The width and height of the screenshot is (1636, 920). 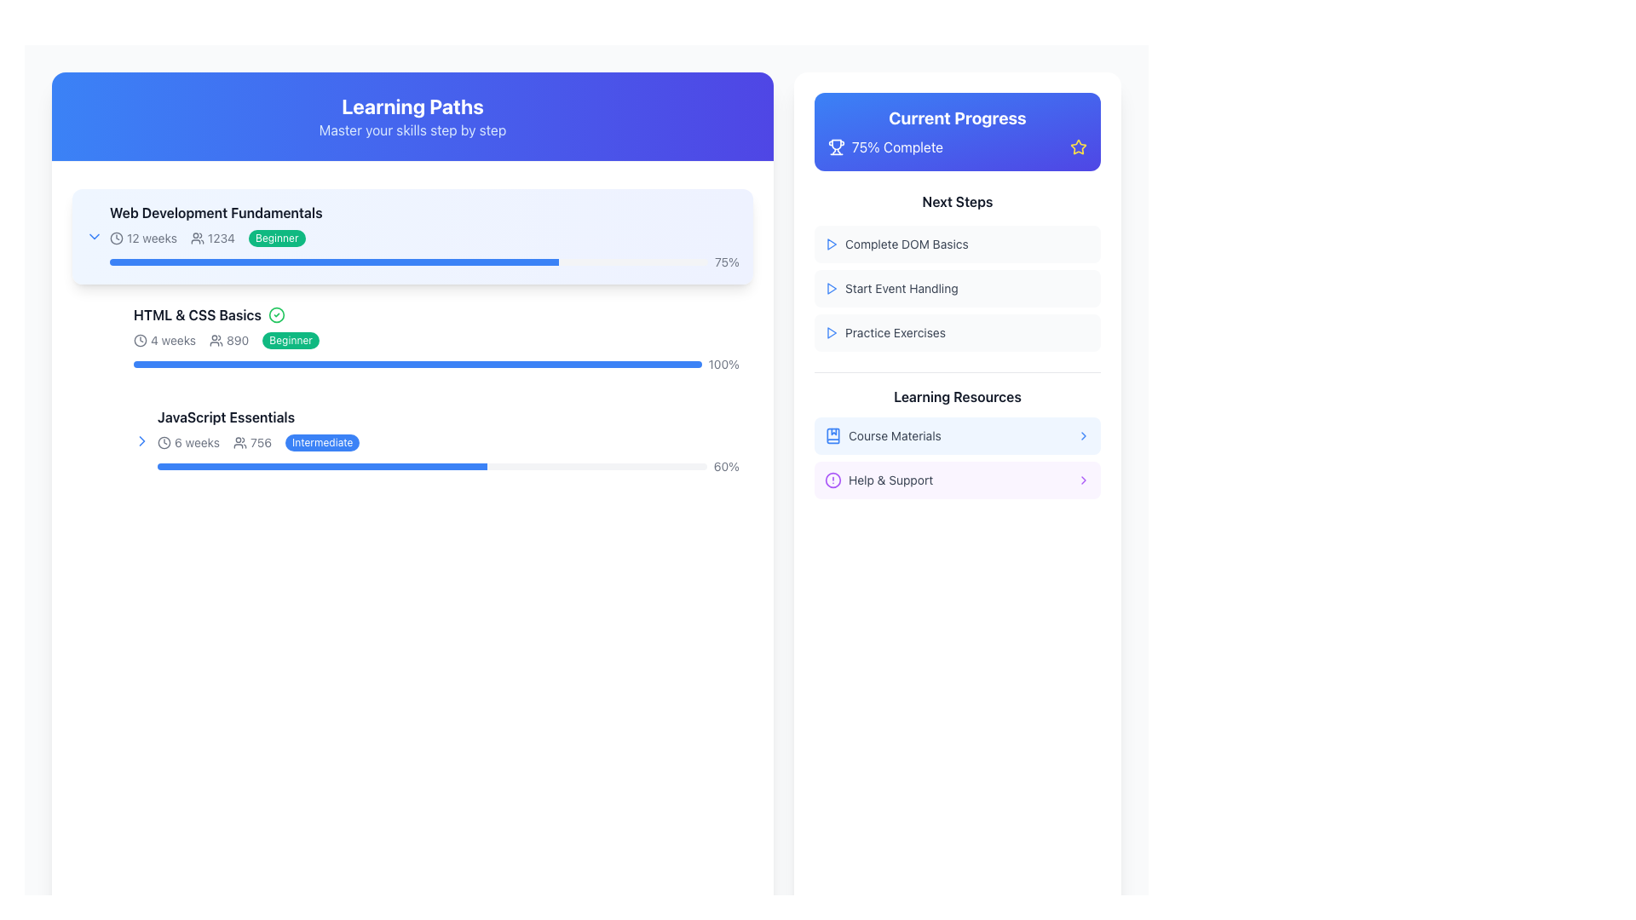 I want to click on the blue triangular Play button icon located to the left of the 'Practice Exercises' section title, so click(x=831, y=332).